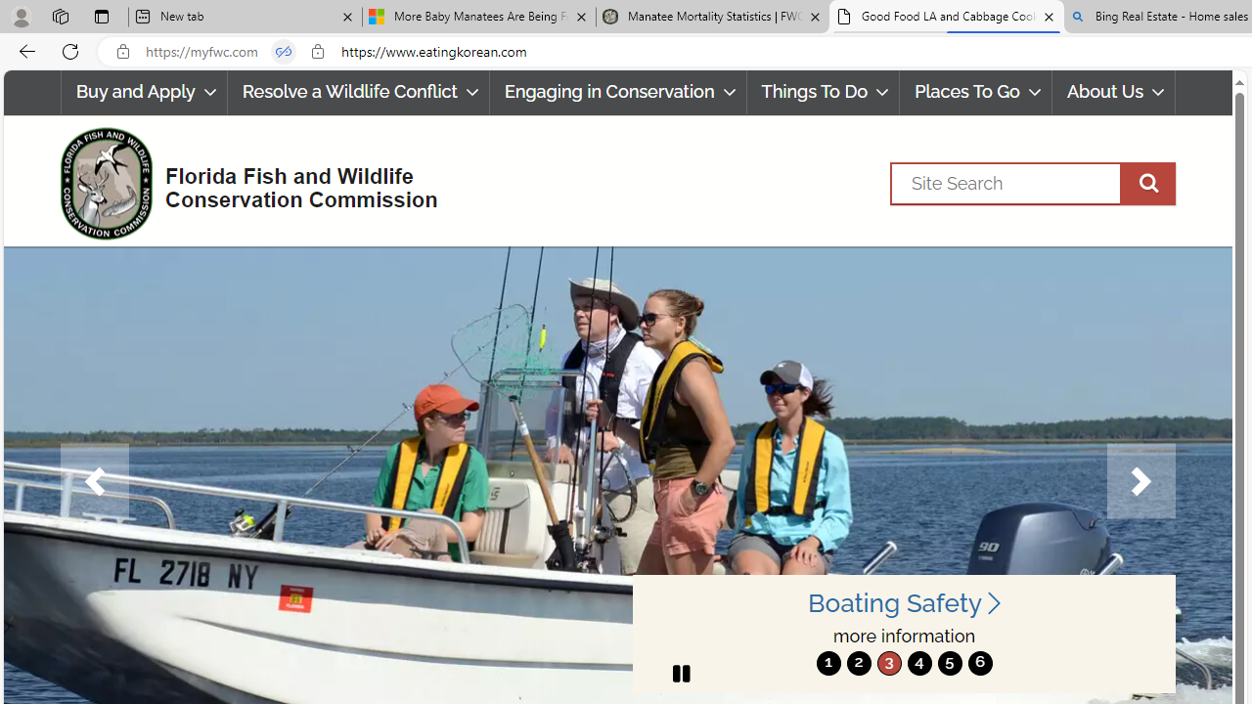 This screenshot has height=704, width=1252. What do you see at coordinates (1114, 92) in the screenshot?
I see `'About Us'` at bounding box center [1114, 92].